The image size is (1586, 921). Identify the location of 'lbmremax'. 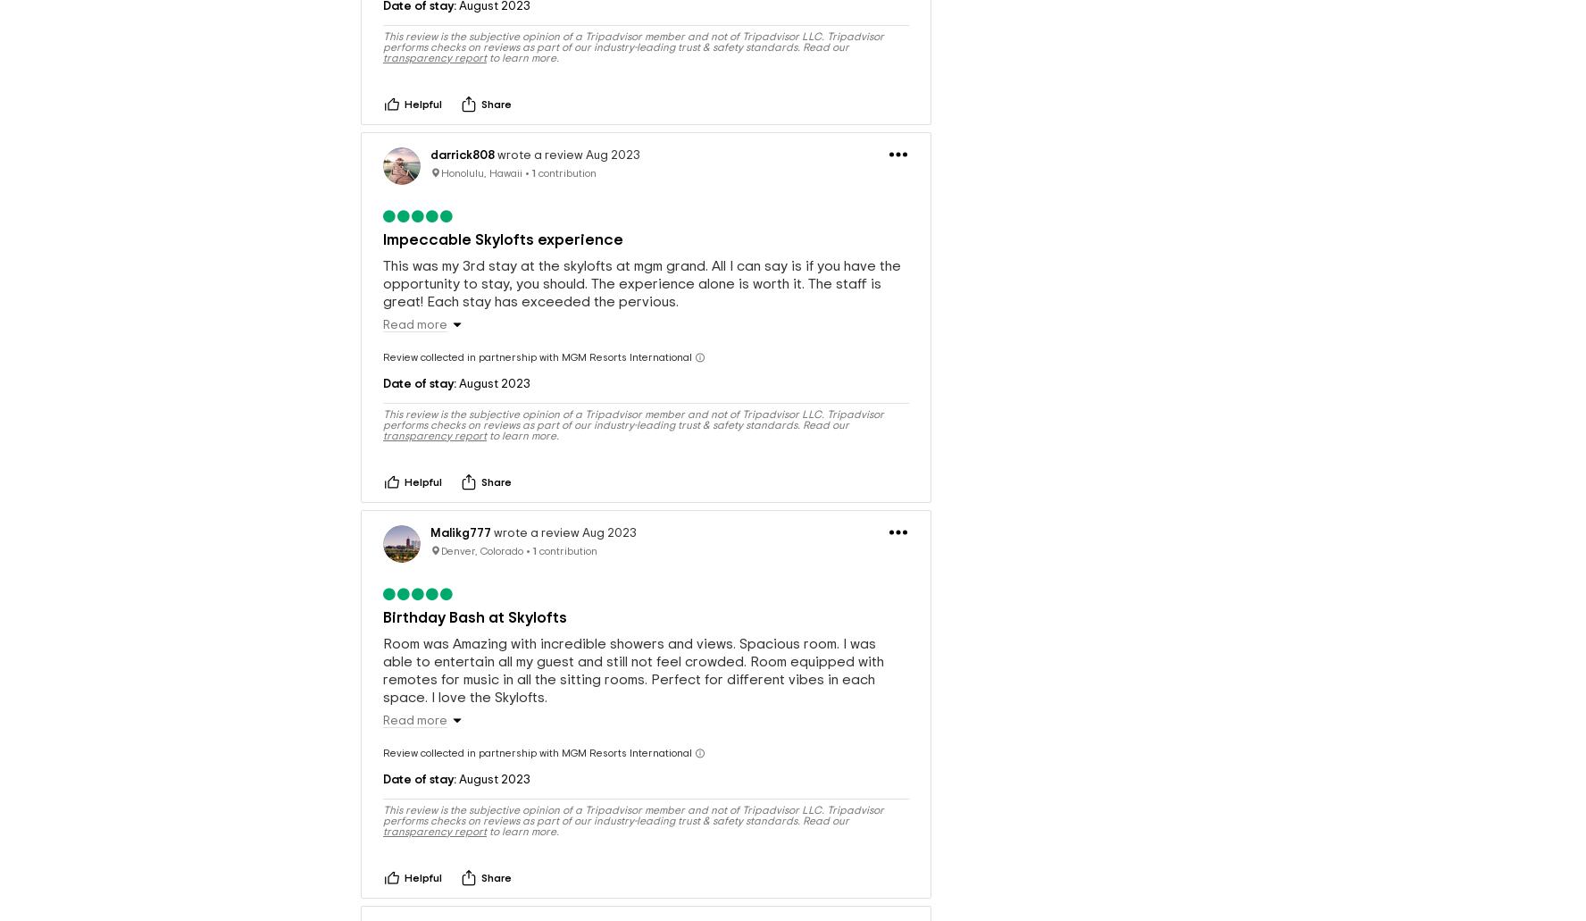
(457, 898).